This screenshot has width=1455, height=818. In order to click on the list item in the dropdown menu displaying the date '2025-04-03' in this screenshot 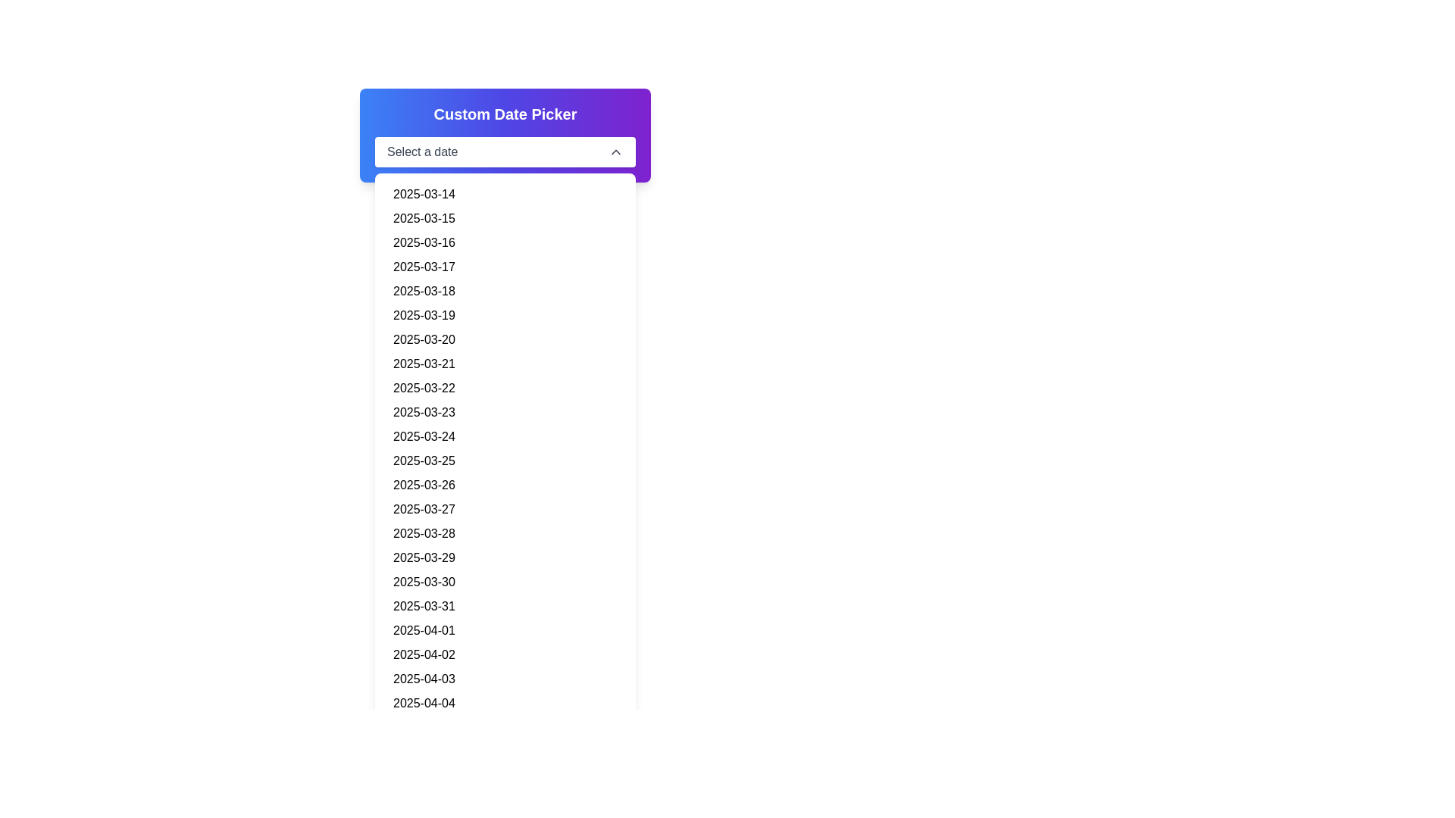, I will do `click(505, 679)`.